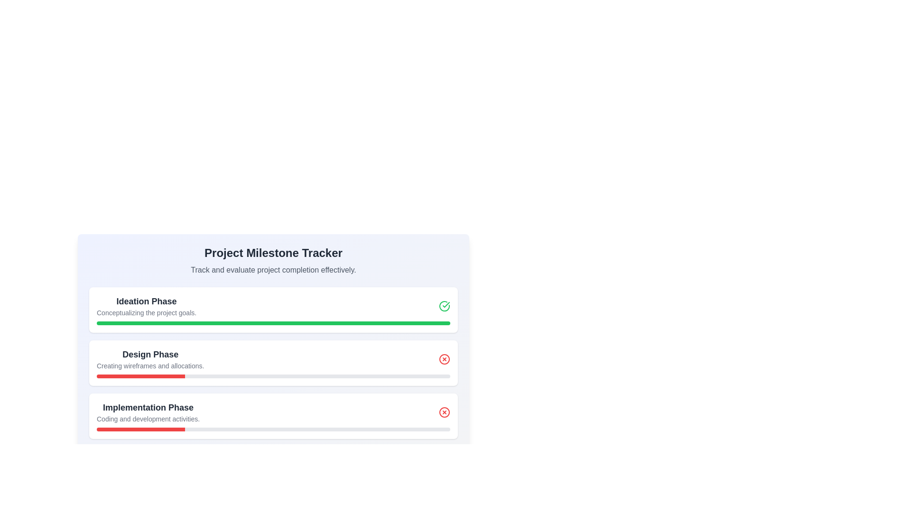 The width and height of the screenshot is (911, 512). I want to click on the text label that reads 'Design Phase', which is a bold, dark gray header in the second section of the milestone tracker interface, so click(150, 355).